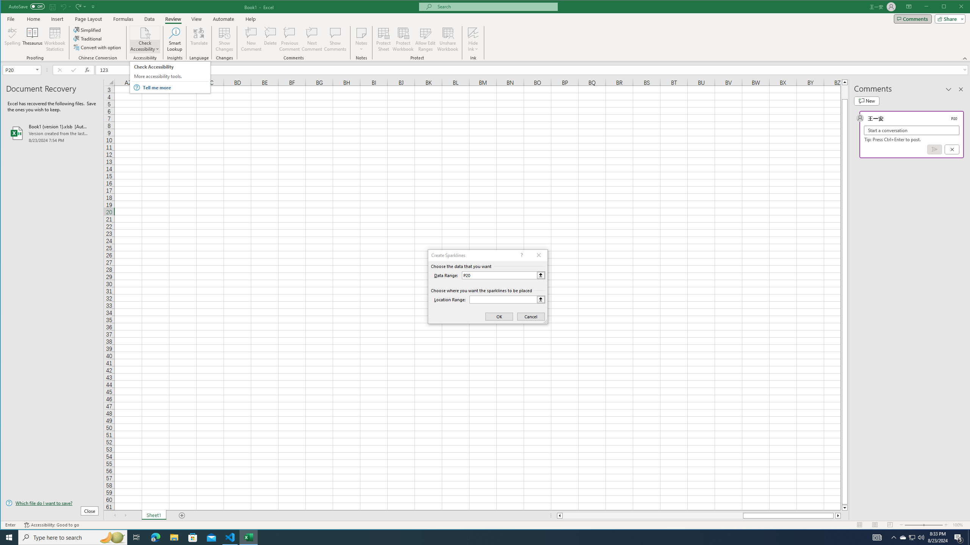  Describe the element at coordinates (88, 30) in the screenshot. I see `'Simplified'` at that location.